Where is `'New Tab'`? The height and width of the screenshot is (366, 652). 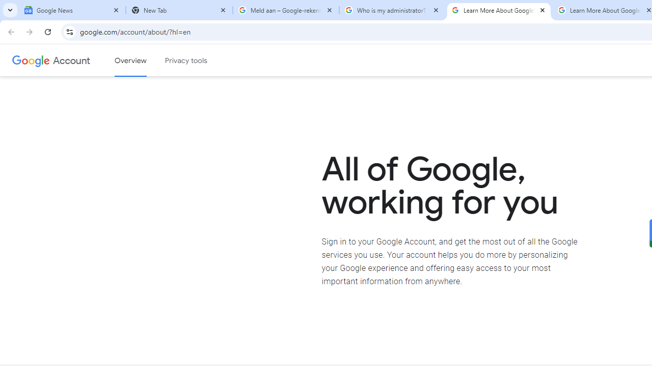
'New Tab' is located at coordinates (179, 10).